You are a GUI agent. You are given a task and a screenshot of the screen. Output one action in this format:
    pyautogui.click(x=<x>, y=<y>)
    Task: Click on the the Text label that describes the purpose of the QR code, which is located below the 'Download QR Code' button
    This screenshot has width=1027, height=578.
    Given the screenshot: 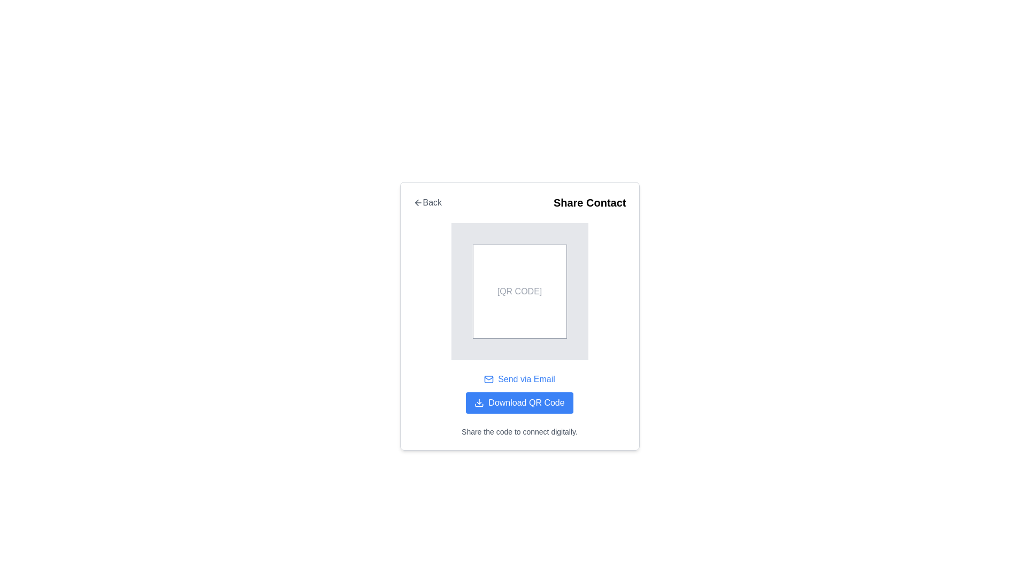 What is the action you would take?
    pyautogui.click(x=519, y=431)
    